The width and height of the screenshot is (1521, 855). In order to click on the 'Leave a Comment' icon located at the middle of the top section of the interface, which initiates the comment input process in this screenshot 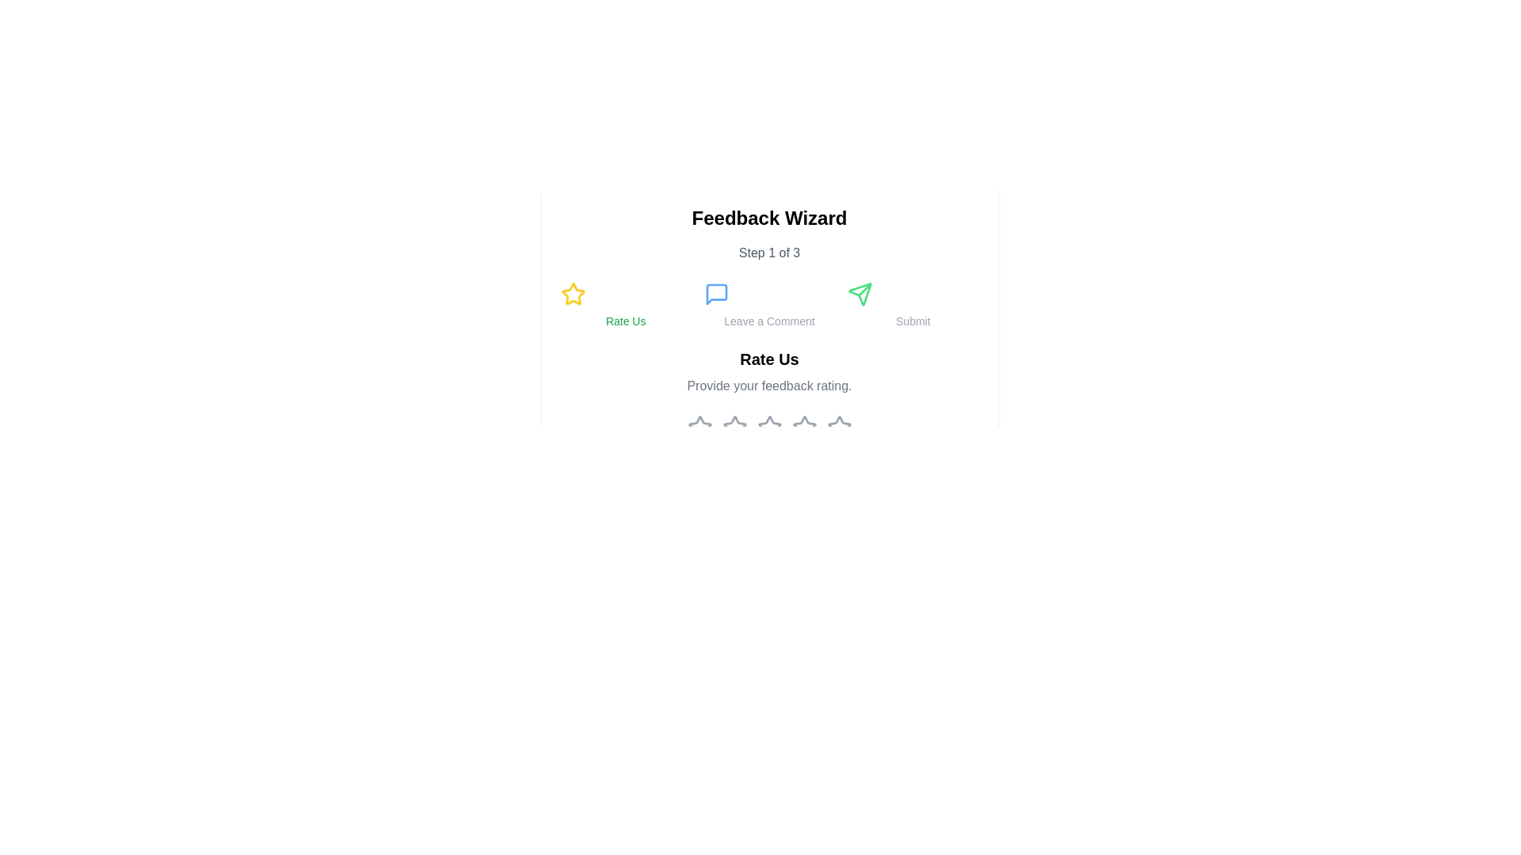, I will do `click(715, 294)`.